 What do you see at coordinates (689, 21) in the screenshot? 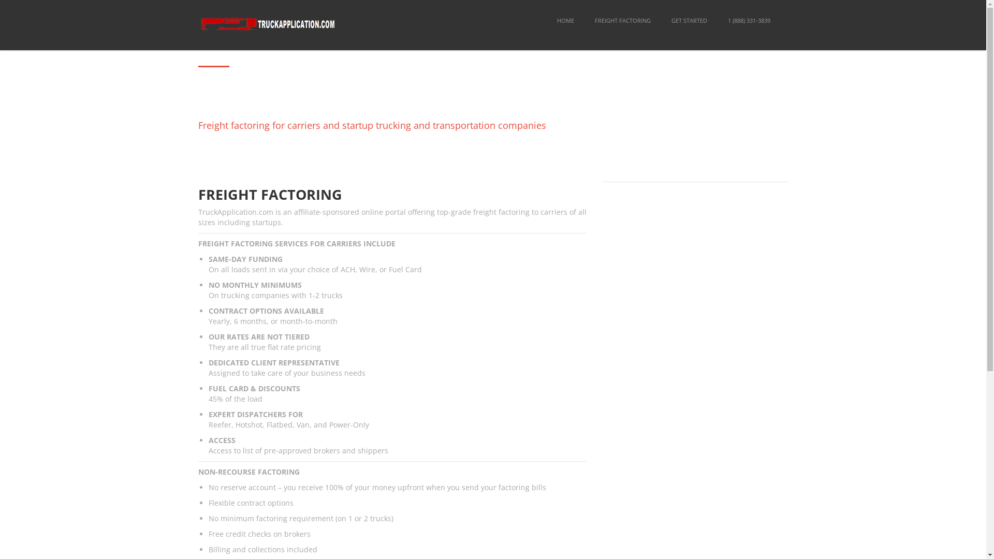
I see `'GET STARTED'` at bounding box center [689, 21].